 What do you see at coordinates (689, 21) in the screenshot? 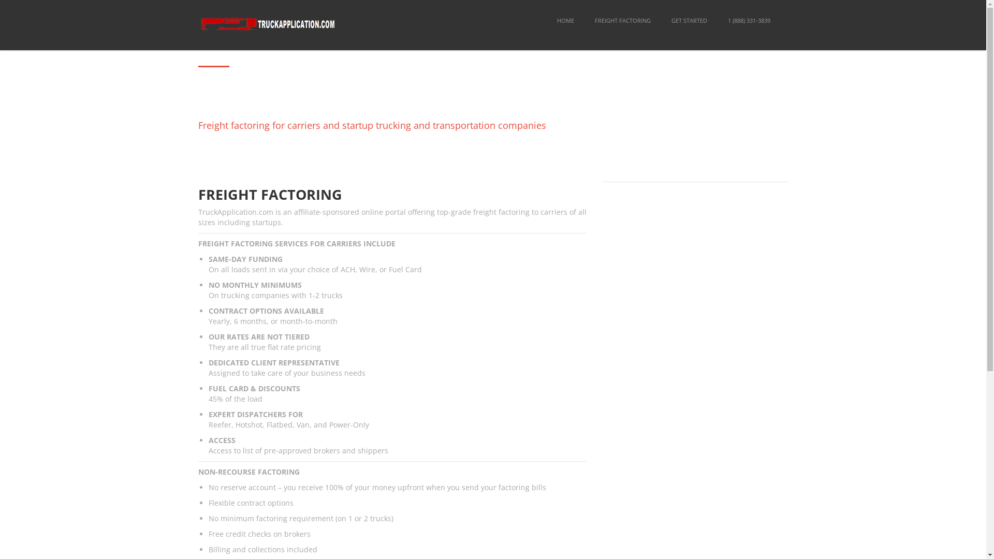
I see `'GET STARTED'` at bounding box center [689, 21].